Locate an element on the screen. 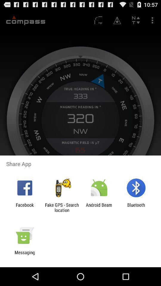 This screenshot has width=161, height=286. item next to bluetooth app is located at coordinates (99, 207).